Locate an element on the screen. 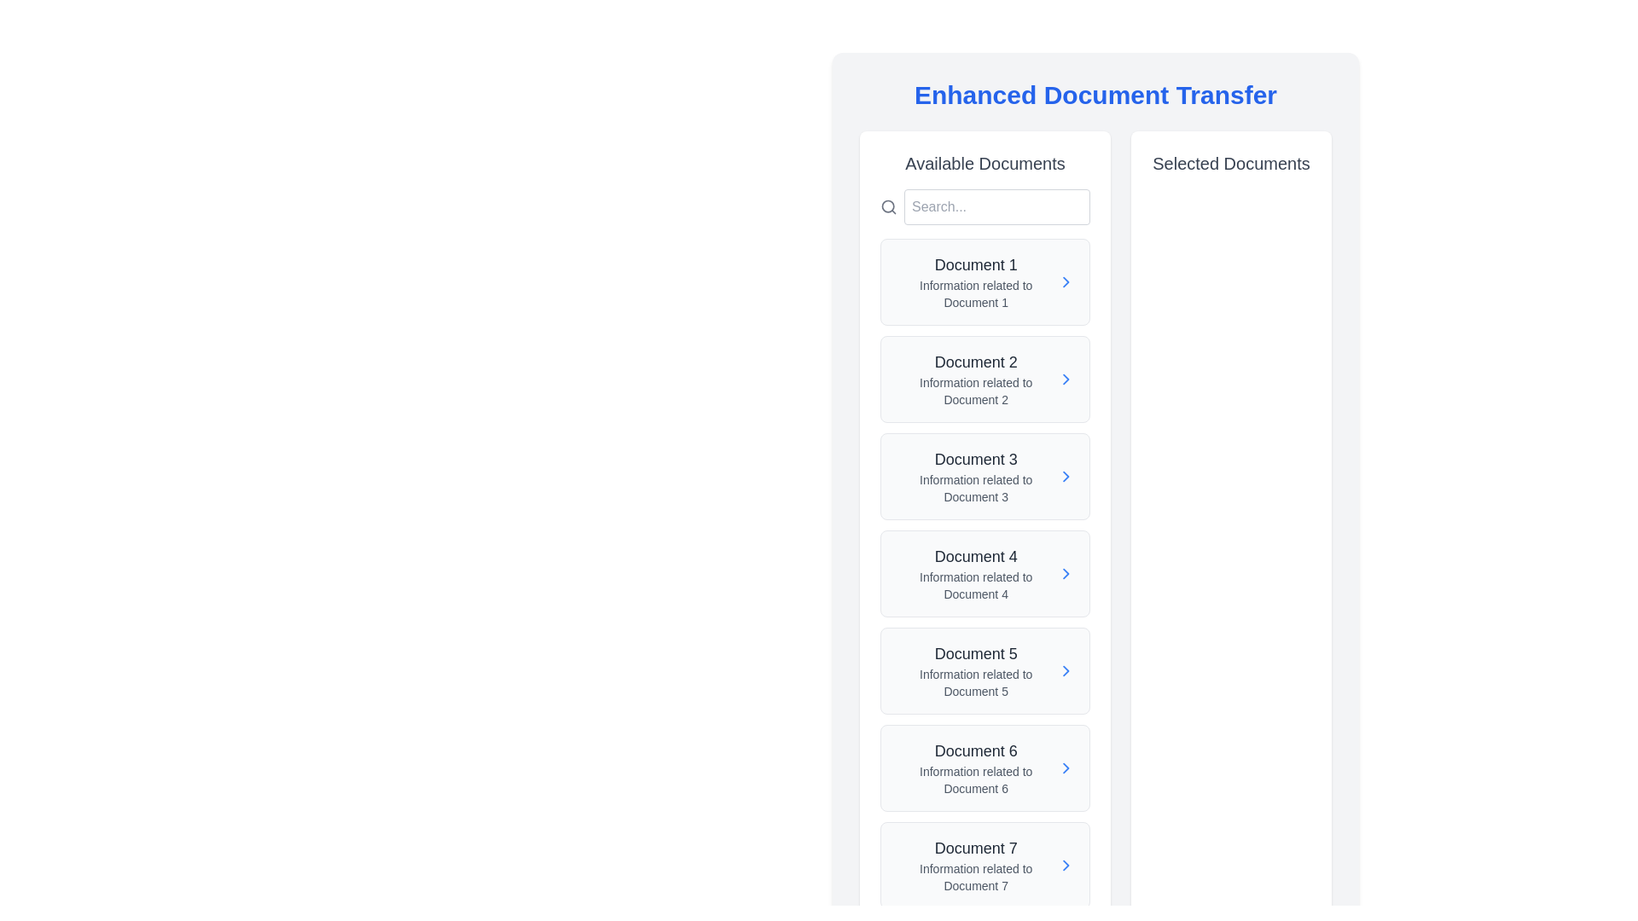  the fifth item in the 'Available Documents' section, which displays the title 'Document 5' and includes a right-arrow icon for navigation is located at coordinates (985, 669).